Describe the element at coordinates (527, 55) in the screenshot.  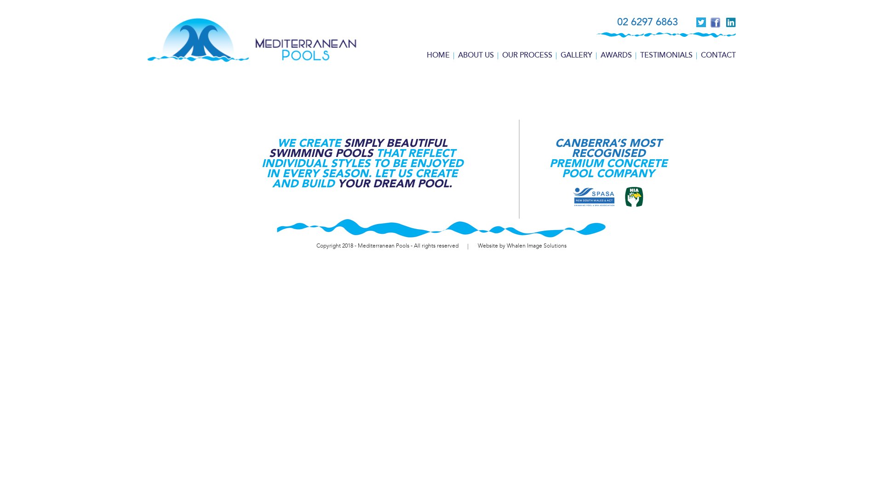
I see `'OUR PROCESS'` at that location.